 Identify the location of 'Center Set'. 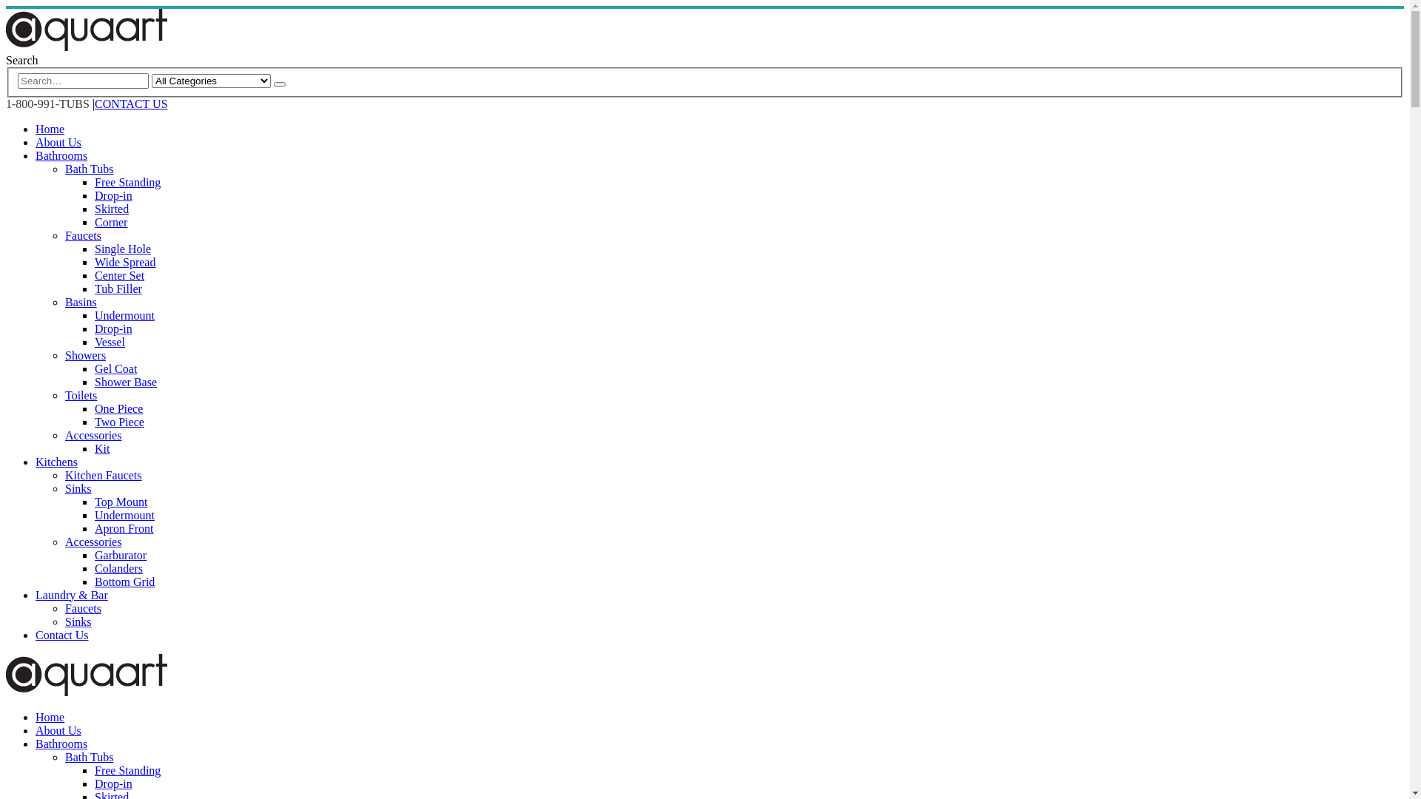
(119, 275).